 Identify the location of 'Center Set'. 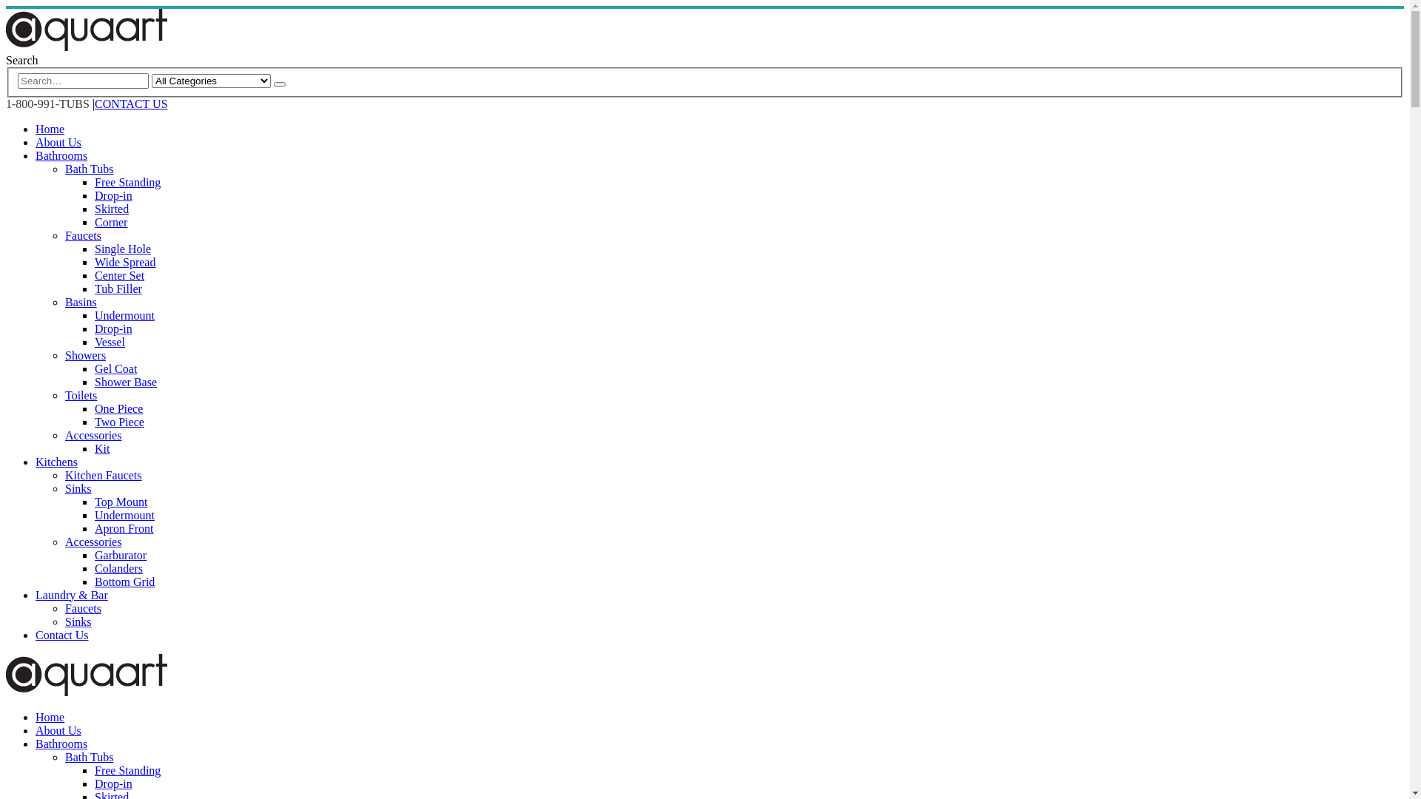
(119, 275).